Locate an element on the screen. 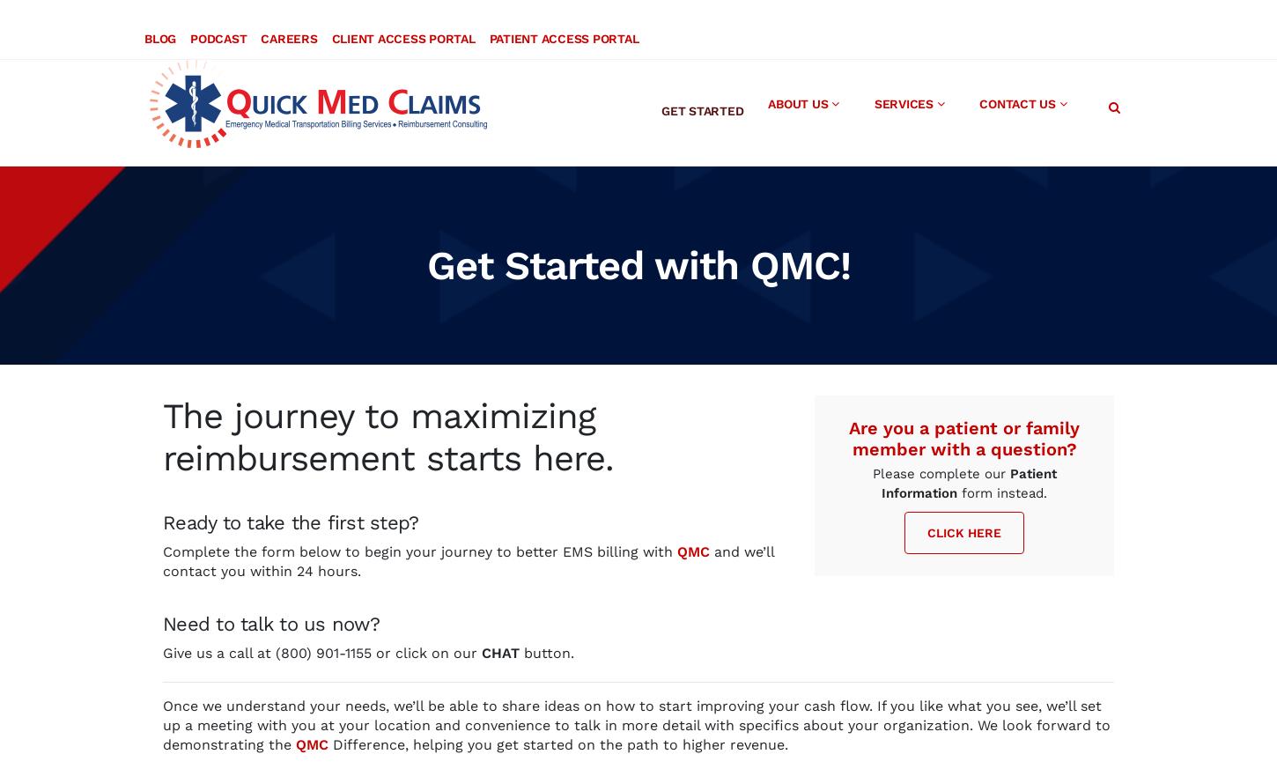 The image size is (1277, 769). 'Careers' is located at coordinates (288, 18).